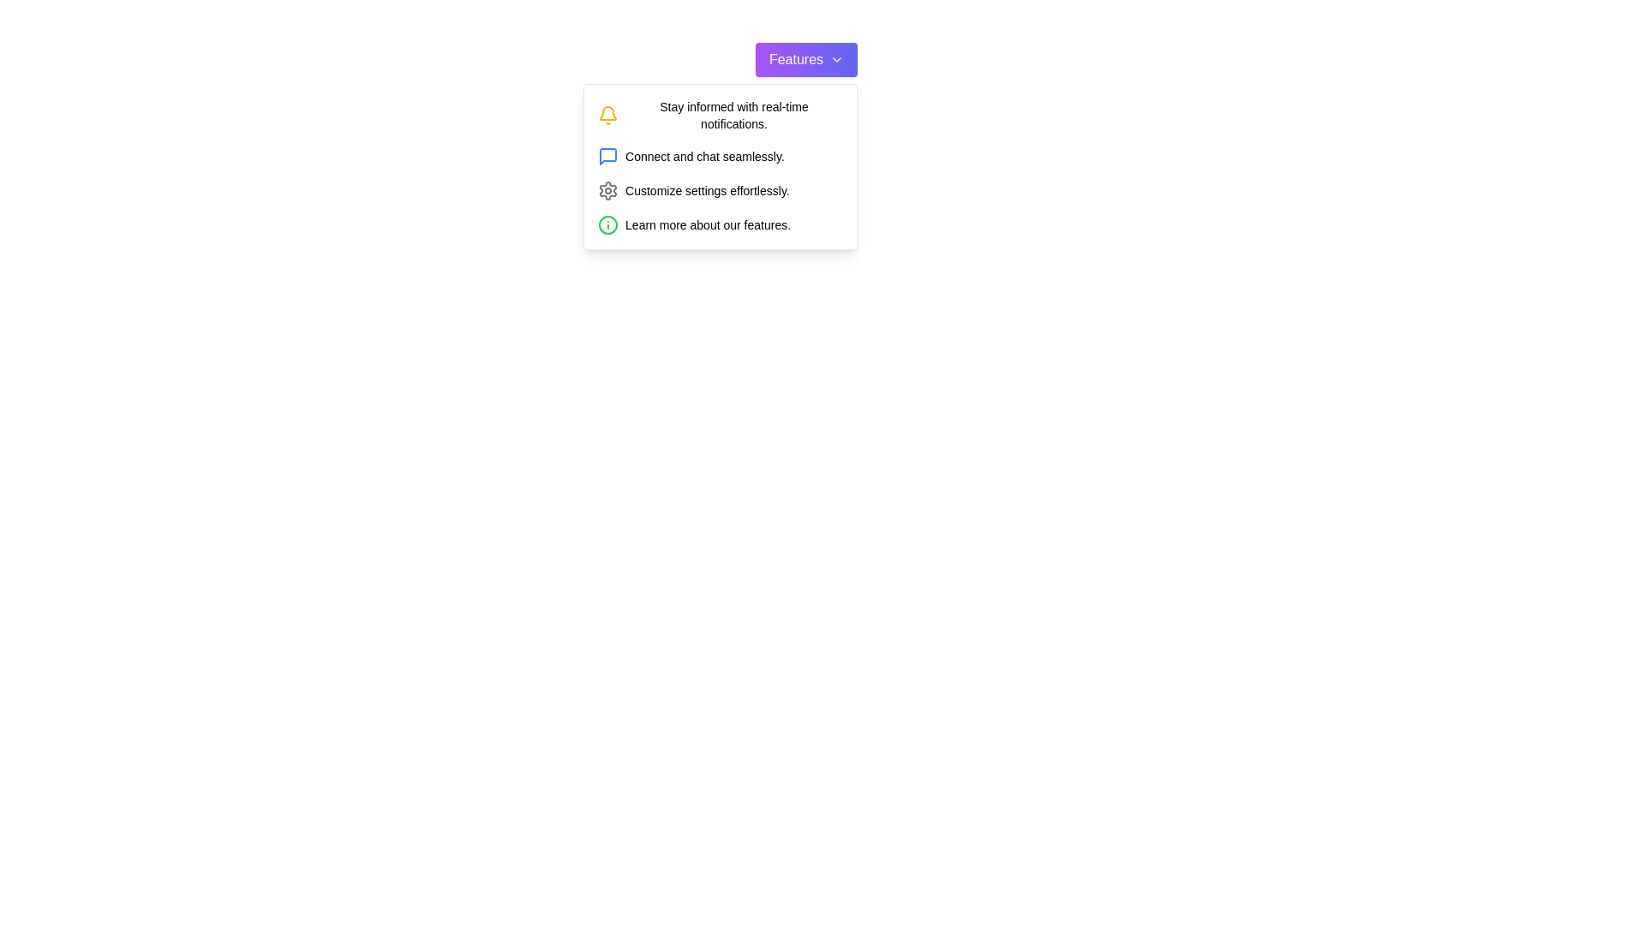 The width and height of the screenshot is (1645, 925). I want to click on the icons and their associated descriptive text in the dropdown menu that appears when the 'Features' button is clicked, so click(721, 167).